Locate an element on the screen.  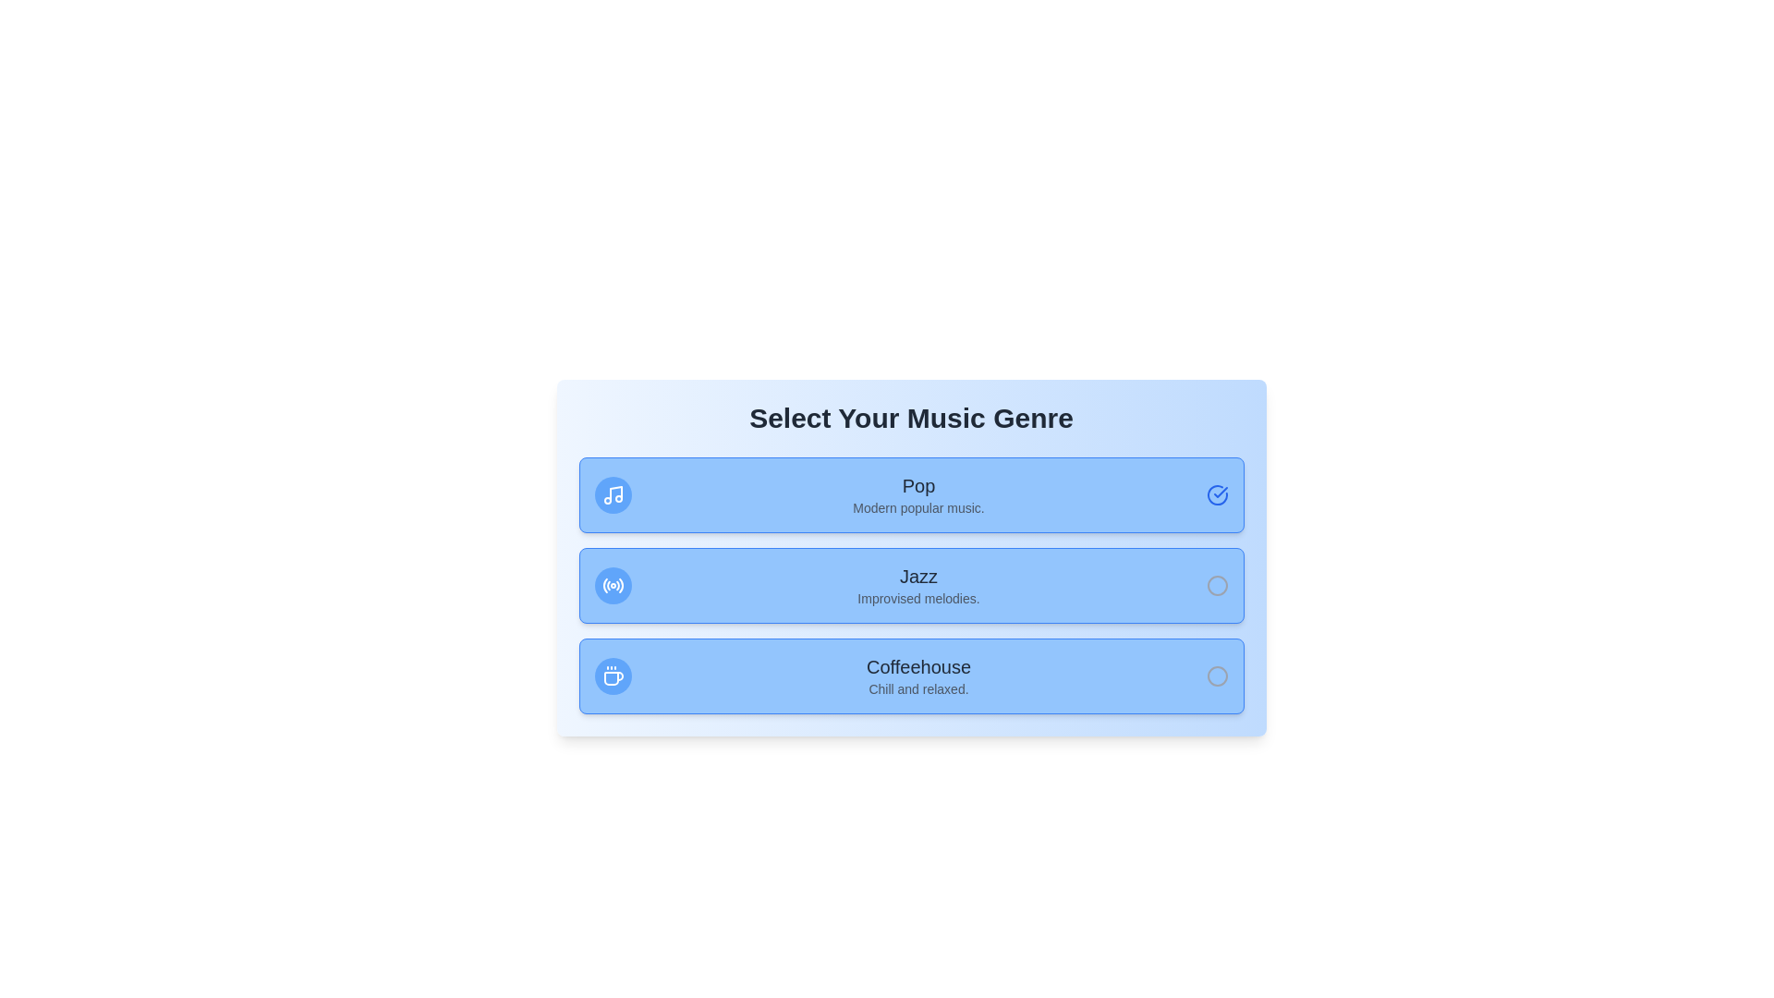
the text label element that displays the sentence 'Modern popular music.' which is located directly beneath the heading 'Pop' within the first music genre selection option is located at coordinates (918, 508).